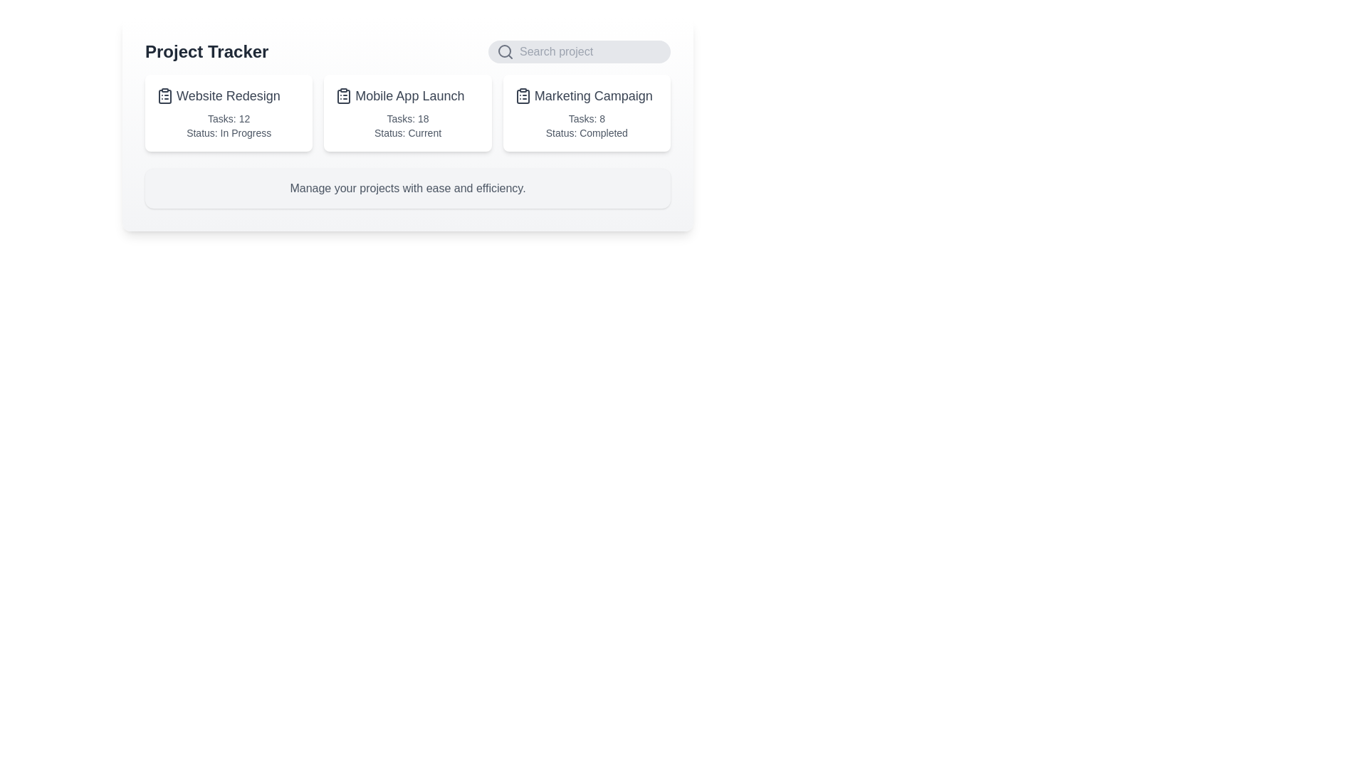 This screenshot has height=769, width=1367. What do you see at coordinates (407, 188) in the screenshot?
I see `the static text label that says 'Manage your projects with ease and efficiency.' which is styled in gray and located in a light gray rounded box near the center of the UI` at bounding box center [407, 188].